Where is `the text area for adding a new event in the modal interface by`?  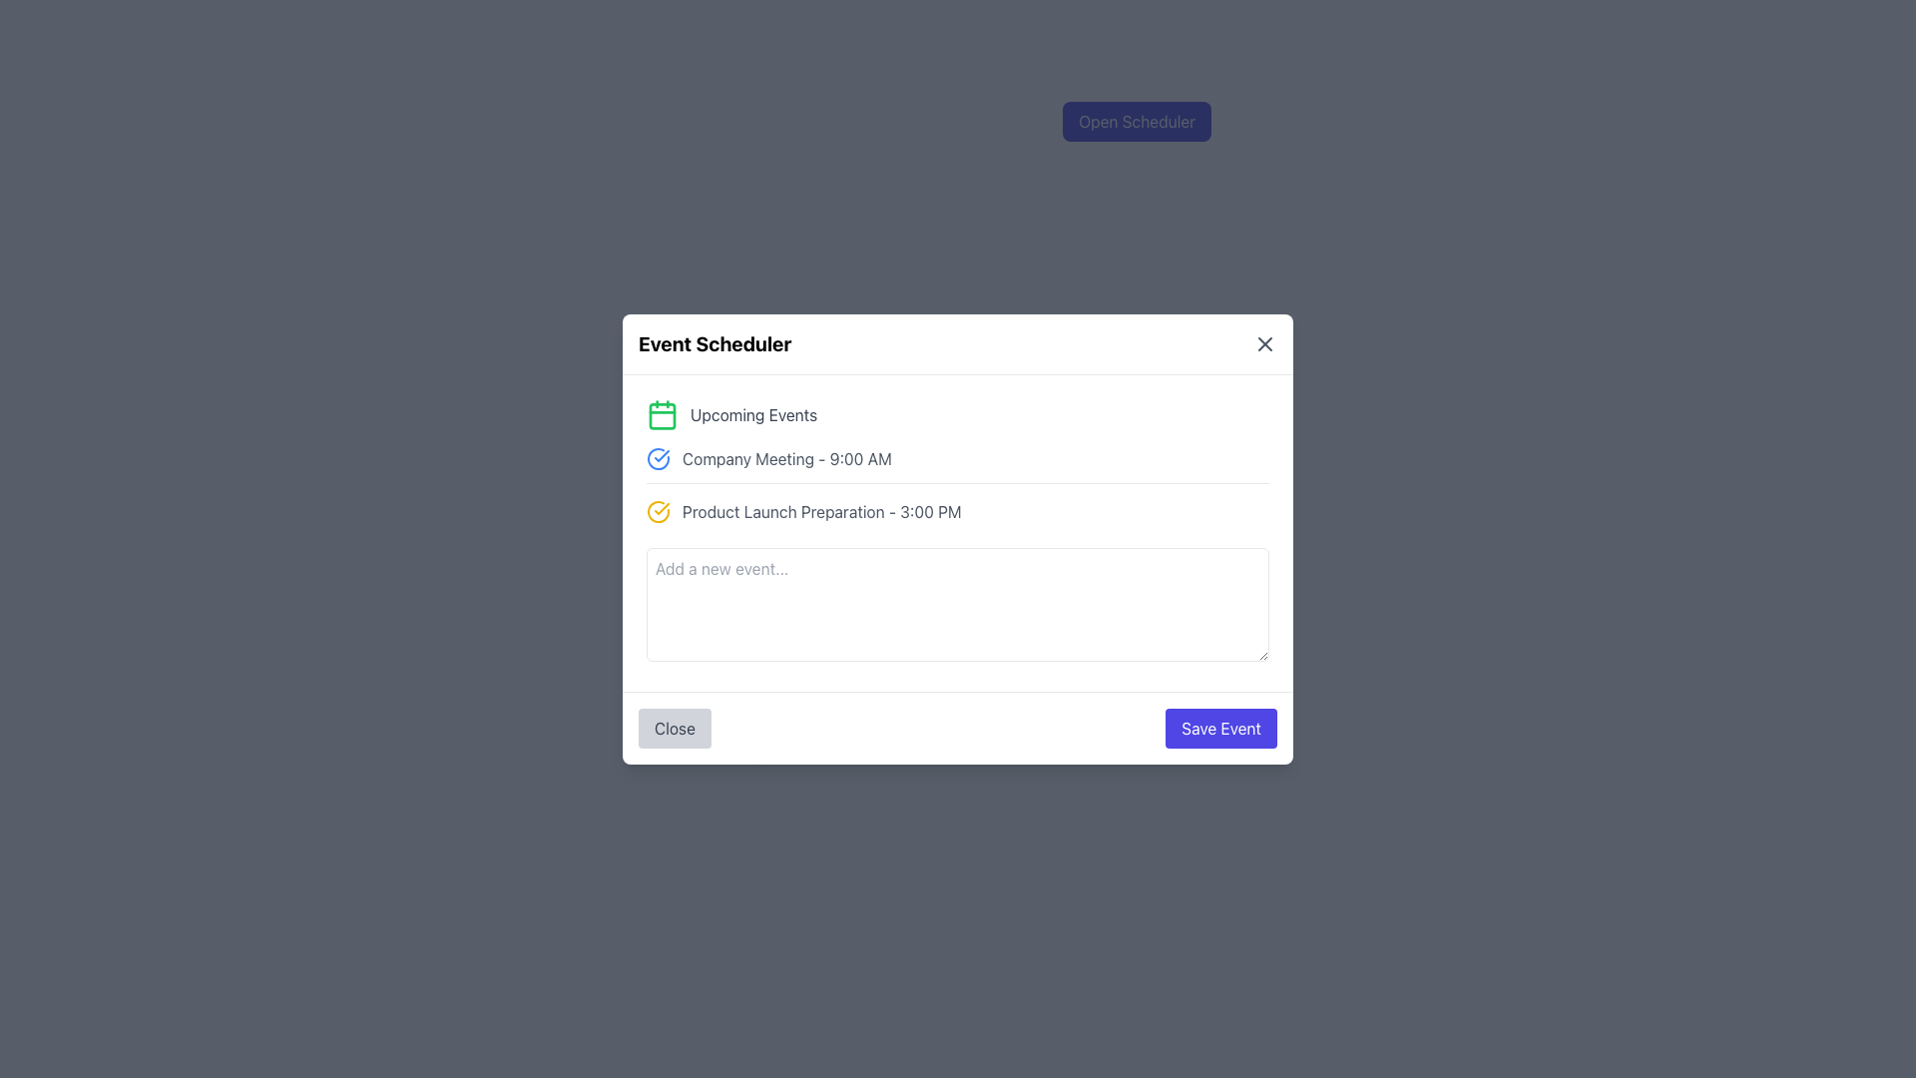
the text area for adding a new event in the modal interface by is located at coordinates (958, 603).